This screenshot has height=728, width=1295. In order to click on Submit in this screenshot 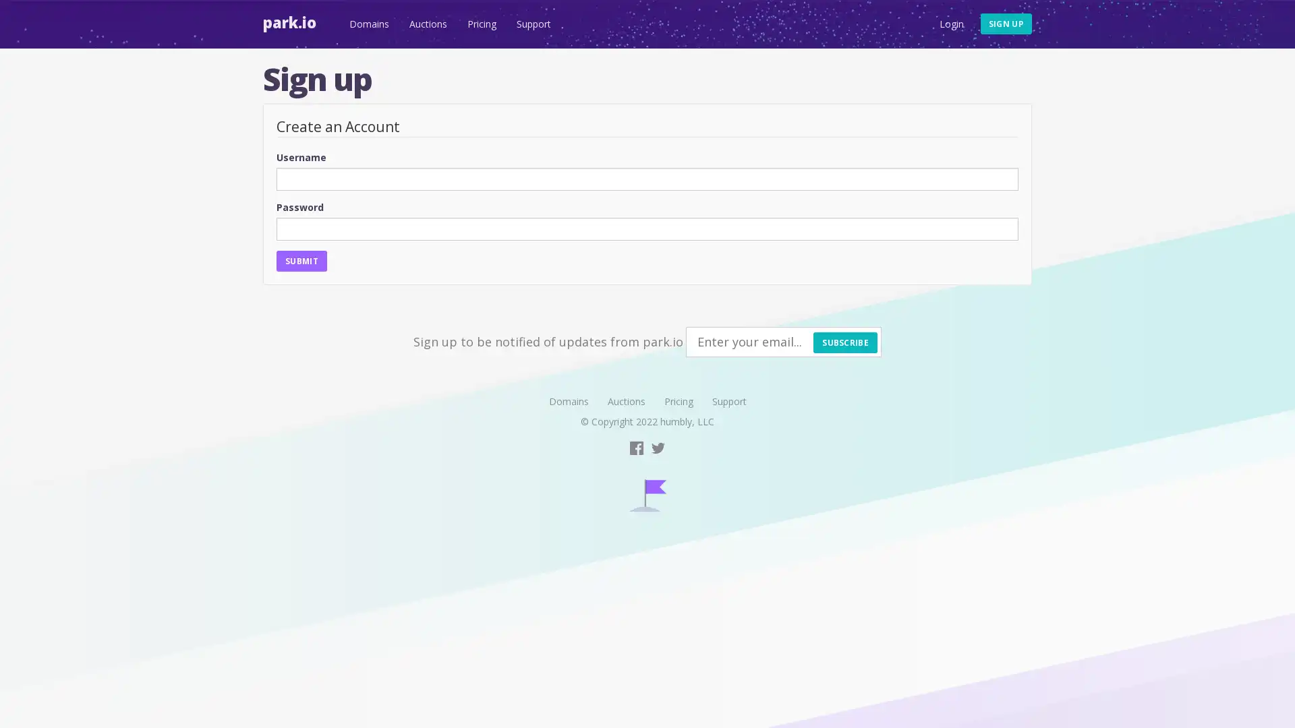, I will do `click(300, 260)`.